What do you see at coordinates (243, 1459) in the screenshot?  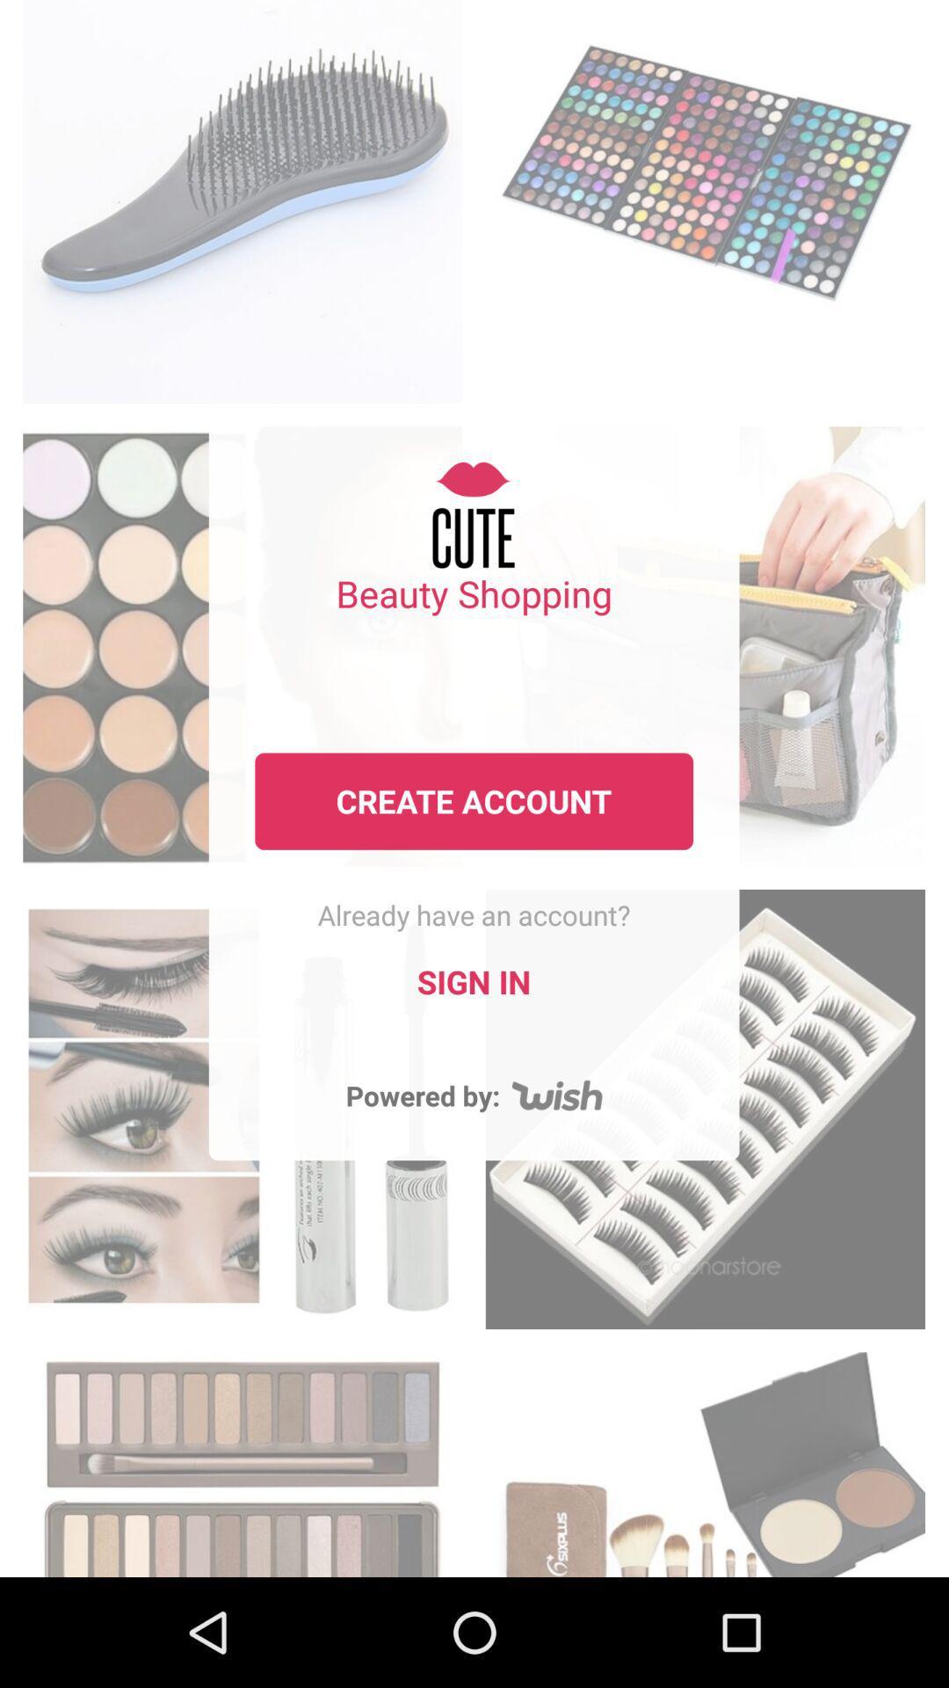 I see `eye makeup` at bounding box center [243, 1459].